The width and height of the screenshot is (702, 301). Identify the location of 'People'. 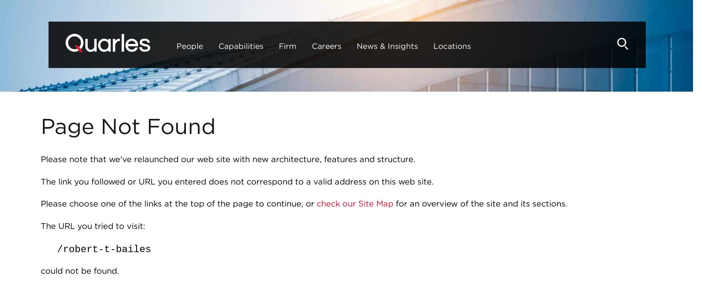
(165, 46).